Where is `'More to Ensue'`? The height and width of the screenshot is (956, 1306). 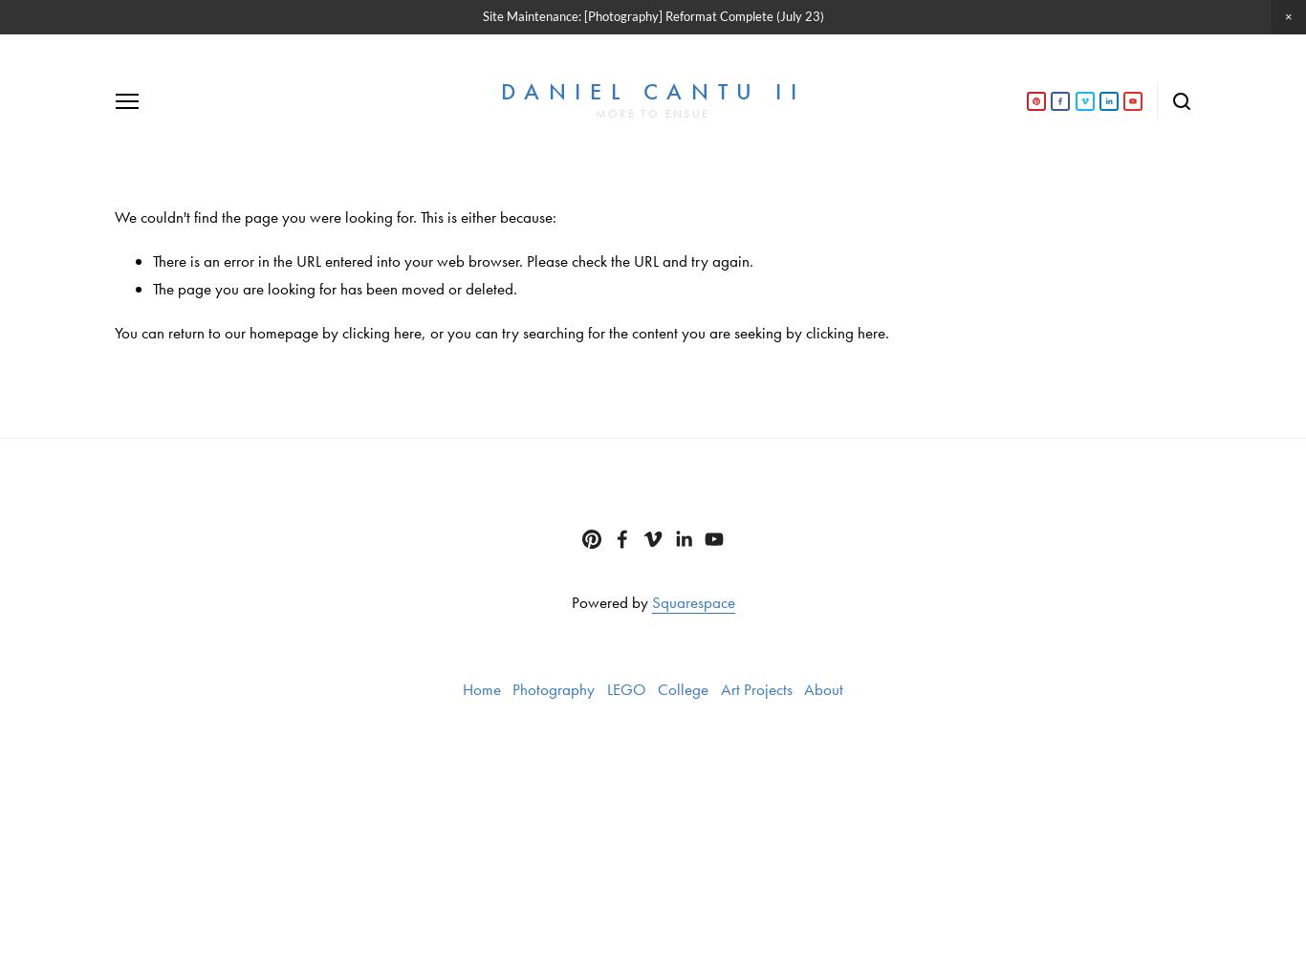 'More to Ensue' is located at coordinates (595, 113).